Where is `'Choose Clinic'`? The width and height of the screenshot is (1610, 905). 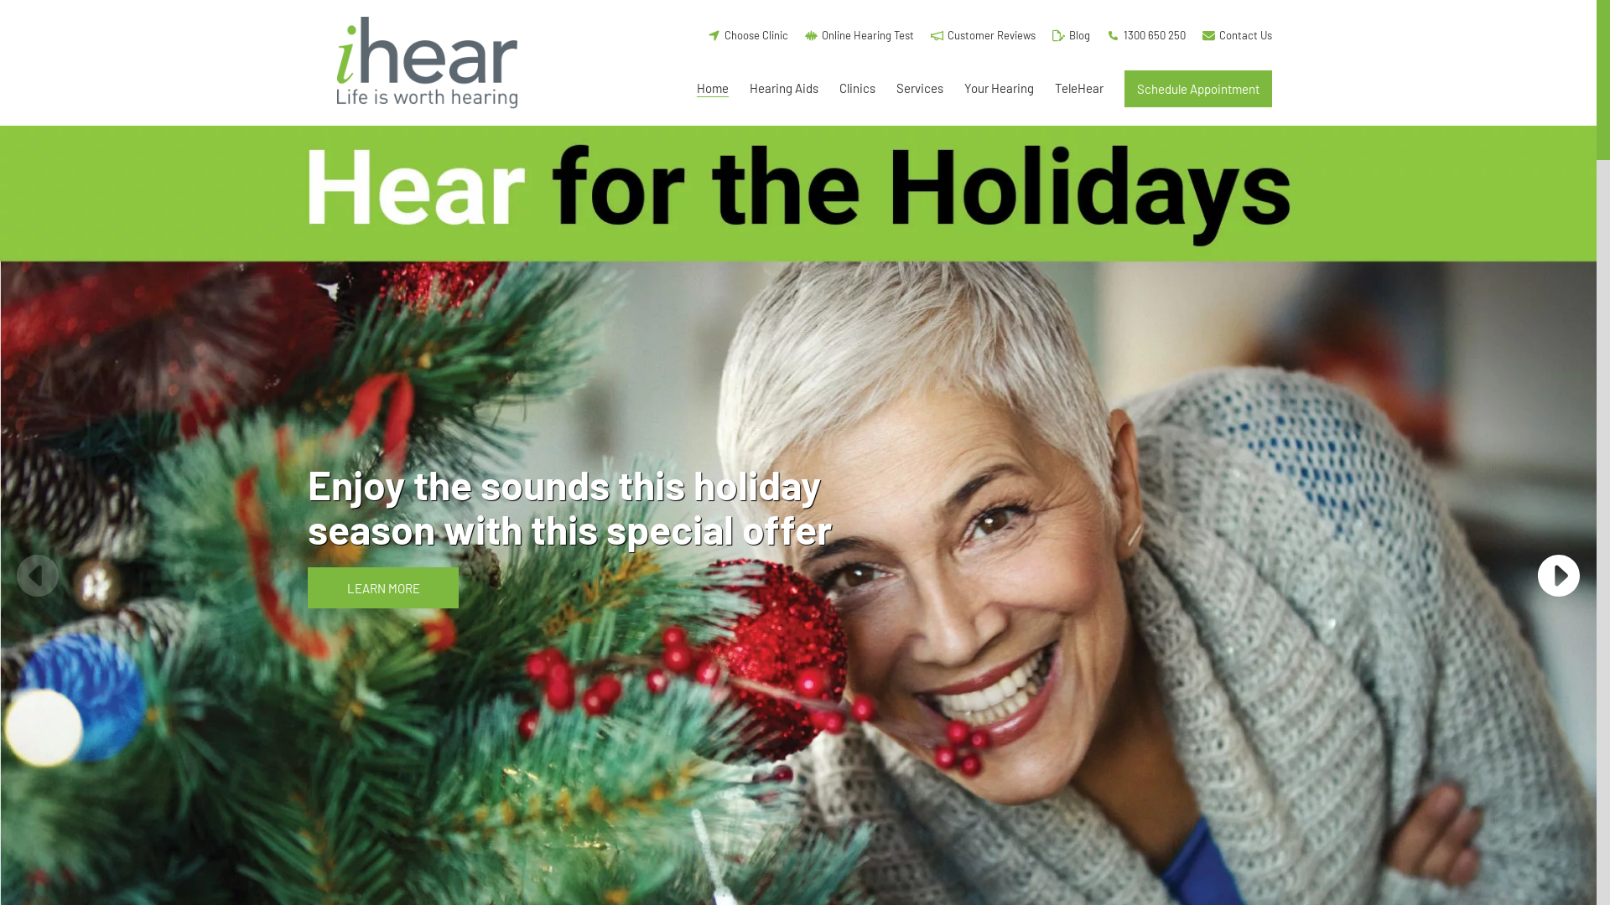 'Choose Clinic' is located at coordinates (747, 34).